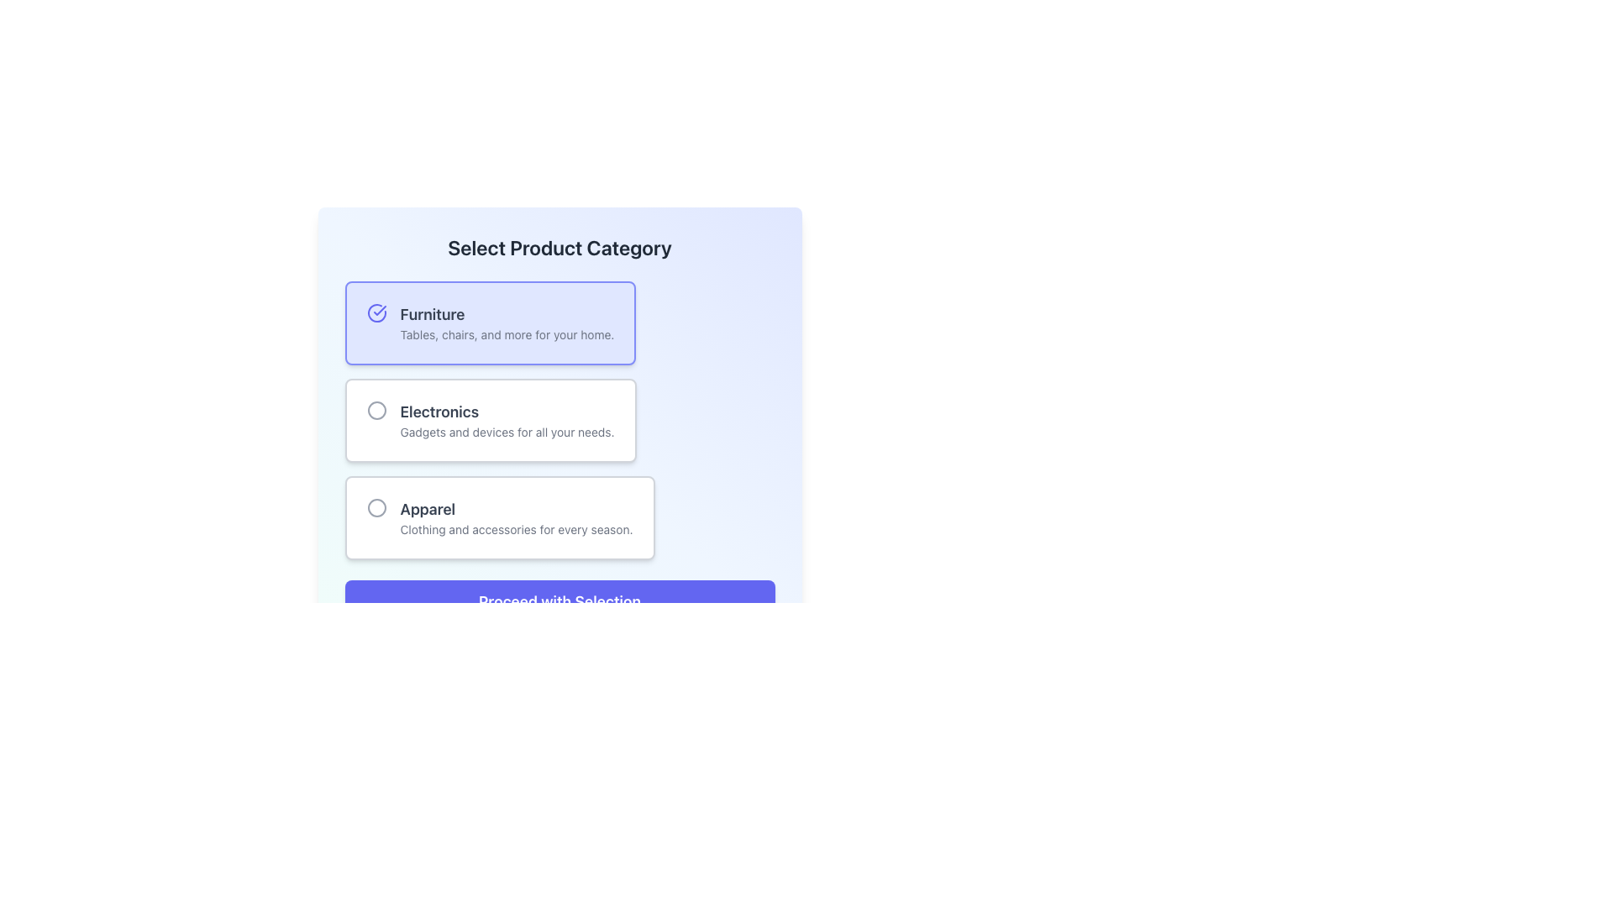  I want to click on the circular checkmark icon with a blue outline located to the left of the text 'Furniture' for visual confirmation, so click(376, 313).